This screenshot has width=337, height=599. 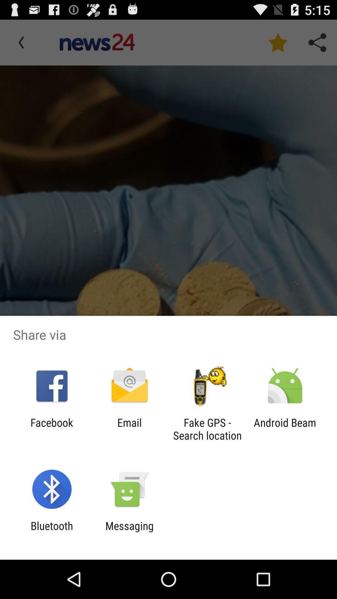 I want to click on icon next to the email, so click(x=207, y=429).